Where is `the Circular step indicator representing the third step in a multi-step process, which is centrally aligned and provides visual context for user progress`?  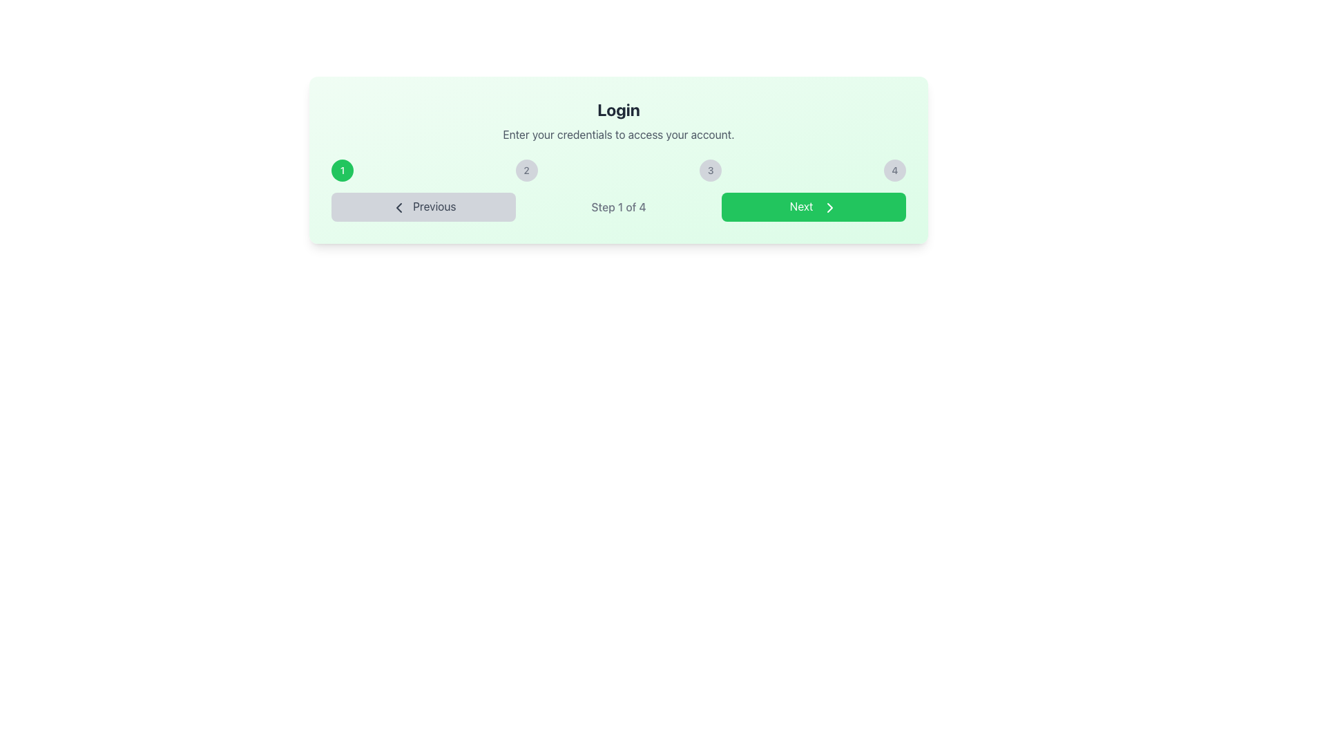 the Circular step indicator representing the third step in a multi-step process, which is centrally aligned and provides visual context for user progress is located at coordinates (711, 169).